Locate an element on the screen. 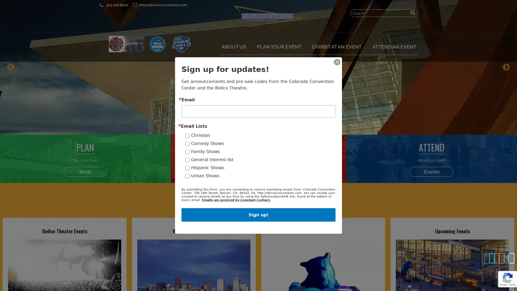  Previous is located at coordinates (11, 276).